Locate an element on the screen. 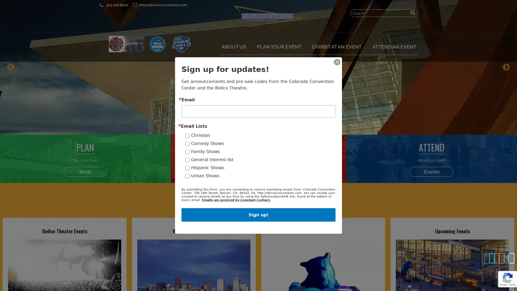  Previous is located at coordinates (11, 276).